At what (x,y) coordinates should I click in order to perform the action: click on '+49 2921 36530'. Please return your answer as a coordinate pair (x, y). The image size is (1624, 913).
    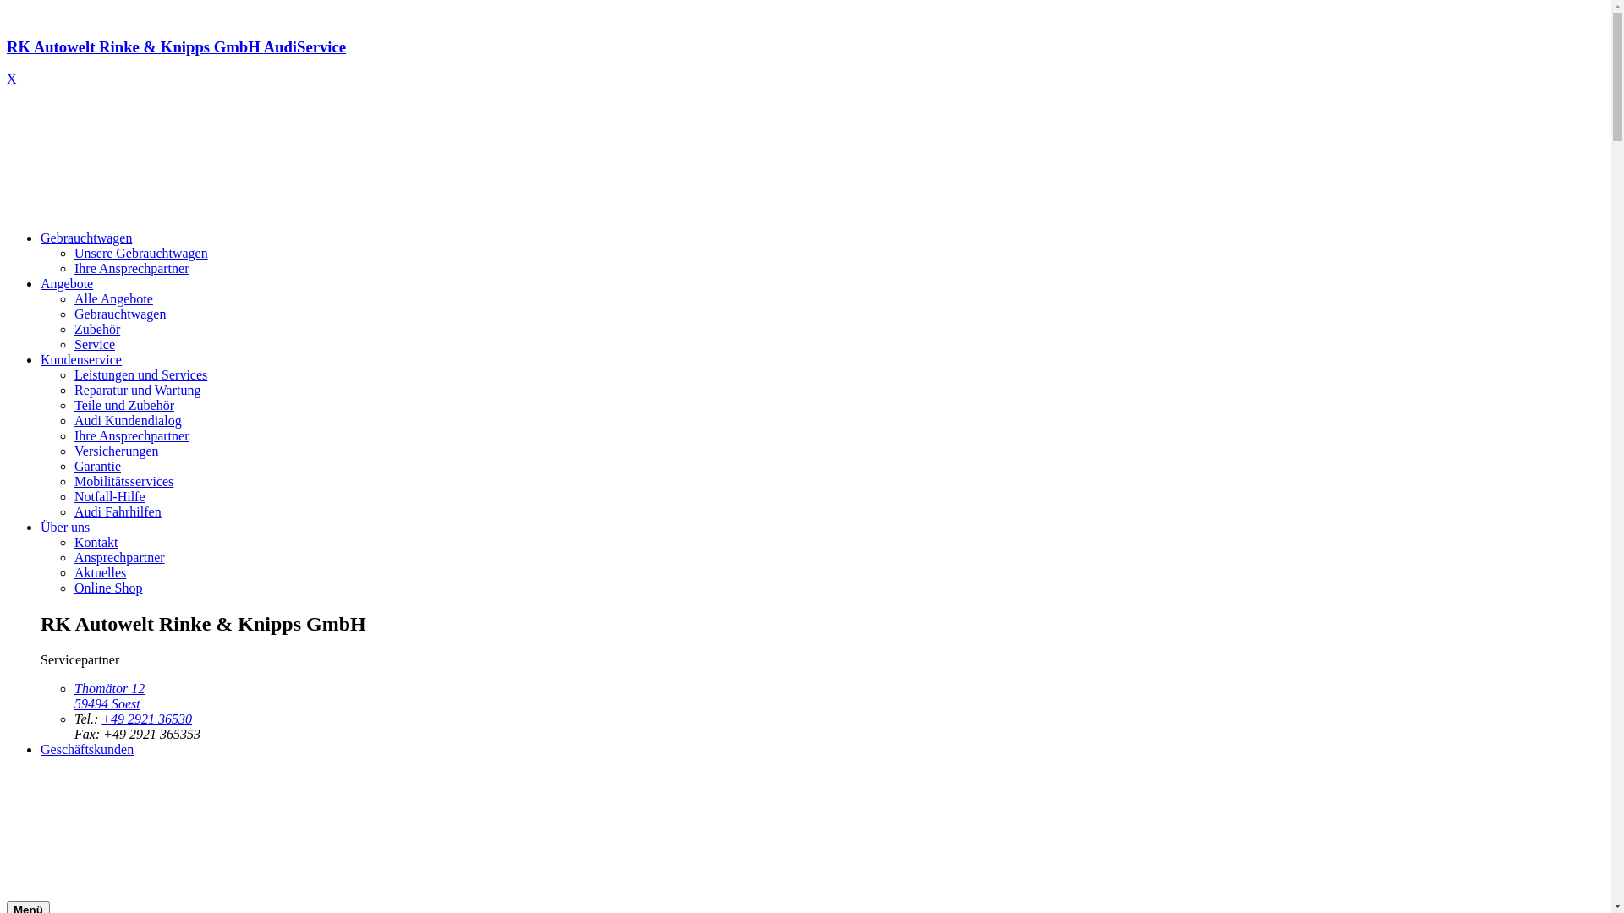
    Looking at the image, I should click on (146, 719).